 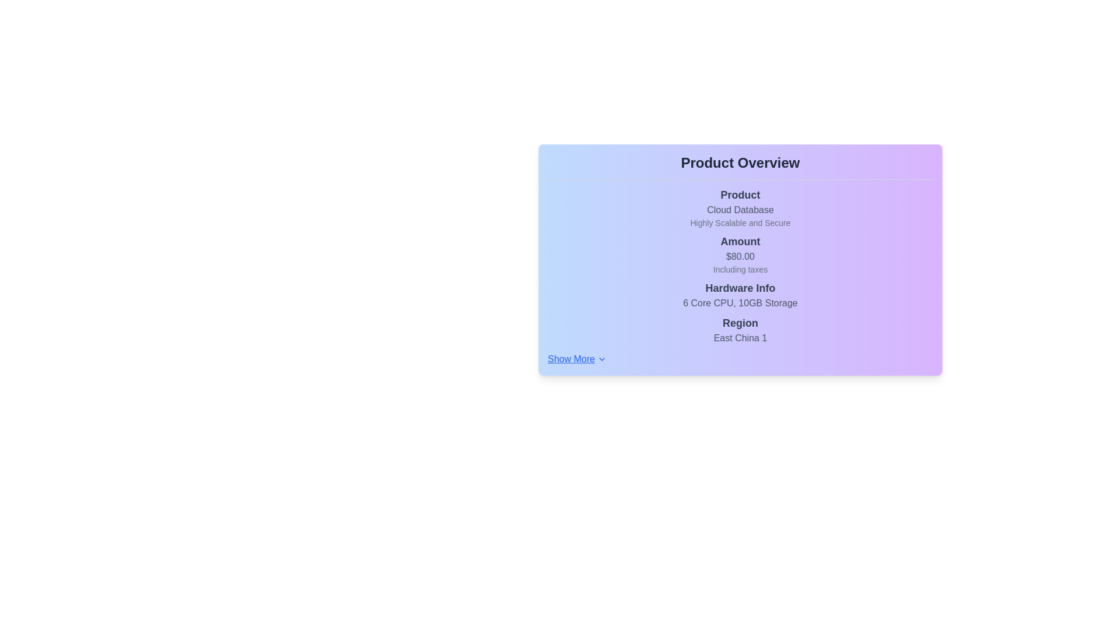 What do you see at coordinates (740, 256) in the screenshot?
I see `the Text display that indicates the monetary value associated with the product or service, located below 'Amount' and above 'Including taxes'` at bounding box center [740, 256].